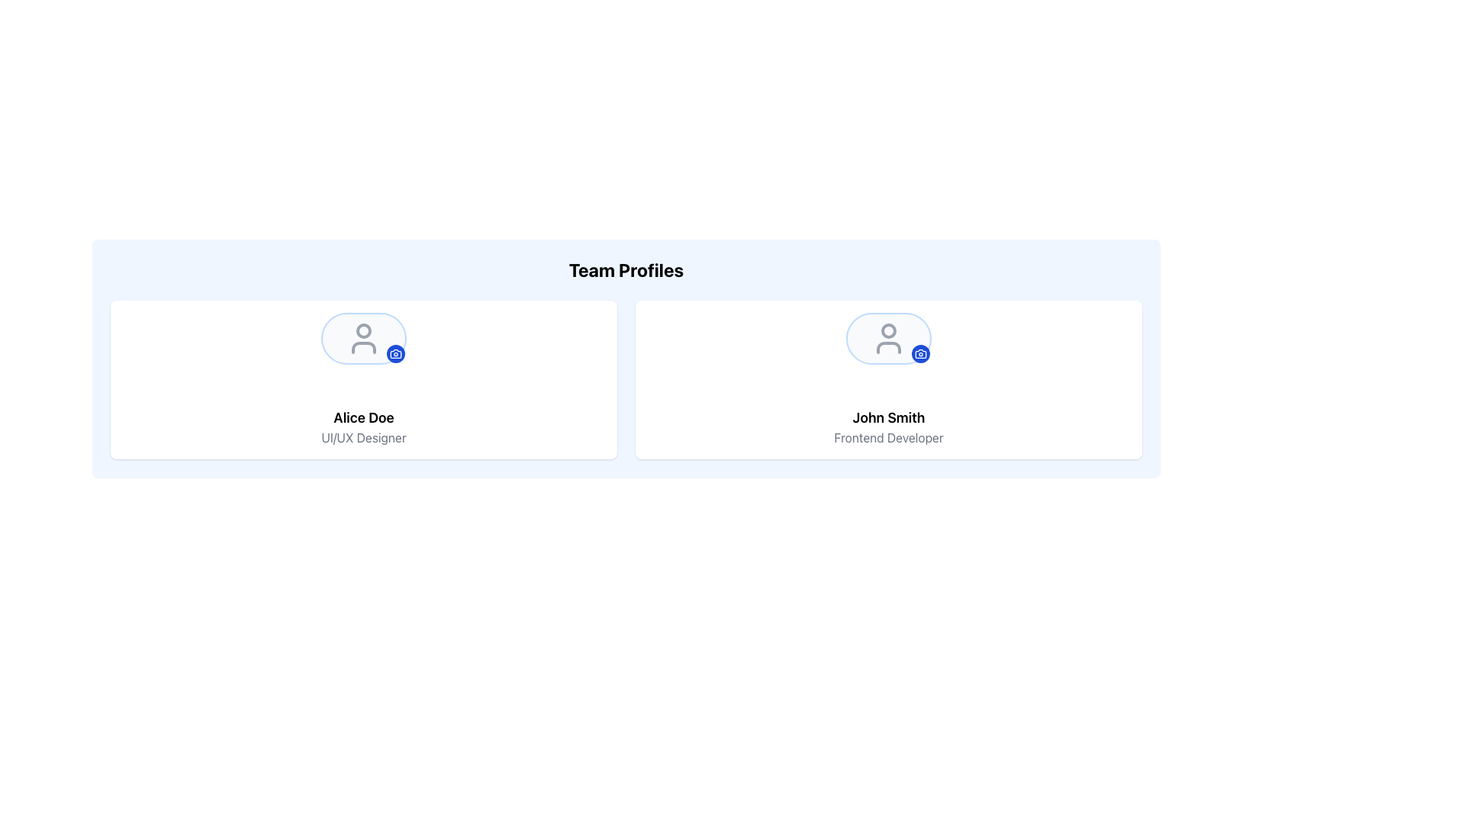  I want to click on the small blue camera icon with a white stroke located at the top-right corner of John Smith's profile picture, so click(919, 353).